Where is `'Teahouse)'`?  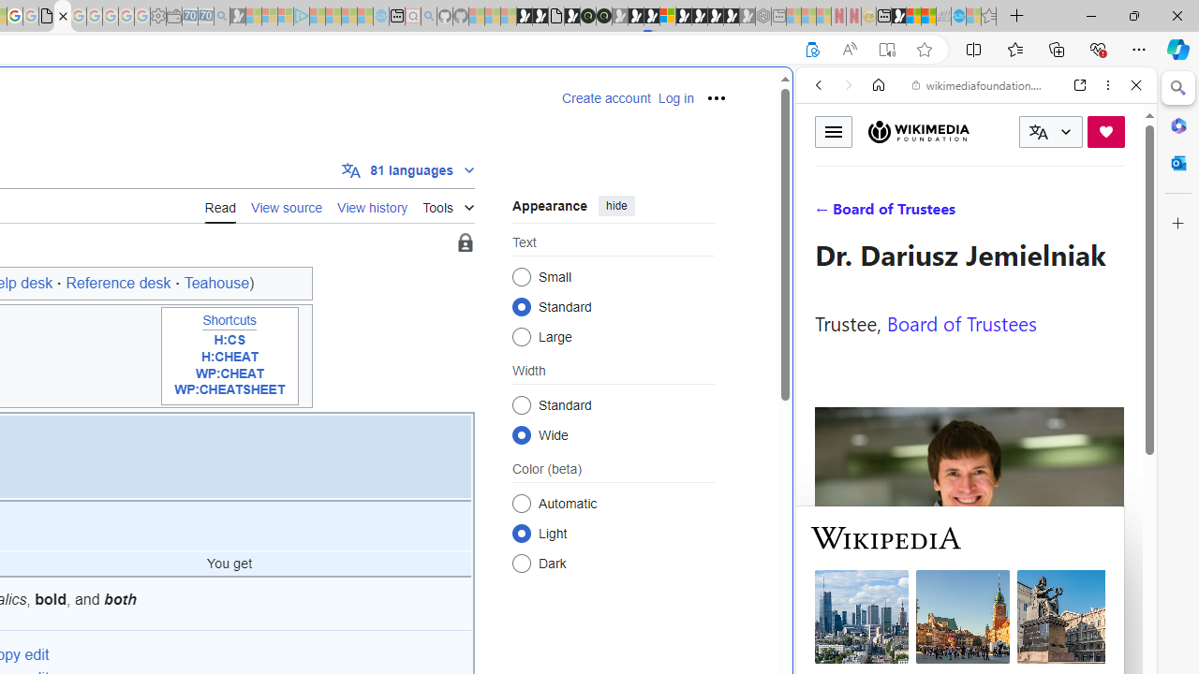 'Teahouse)' is located at coordinates (218, 283).